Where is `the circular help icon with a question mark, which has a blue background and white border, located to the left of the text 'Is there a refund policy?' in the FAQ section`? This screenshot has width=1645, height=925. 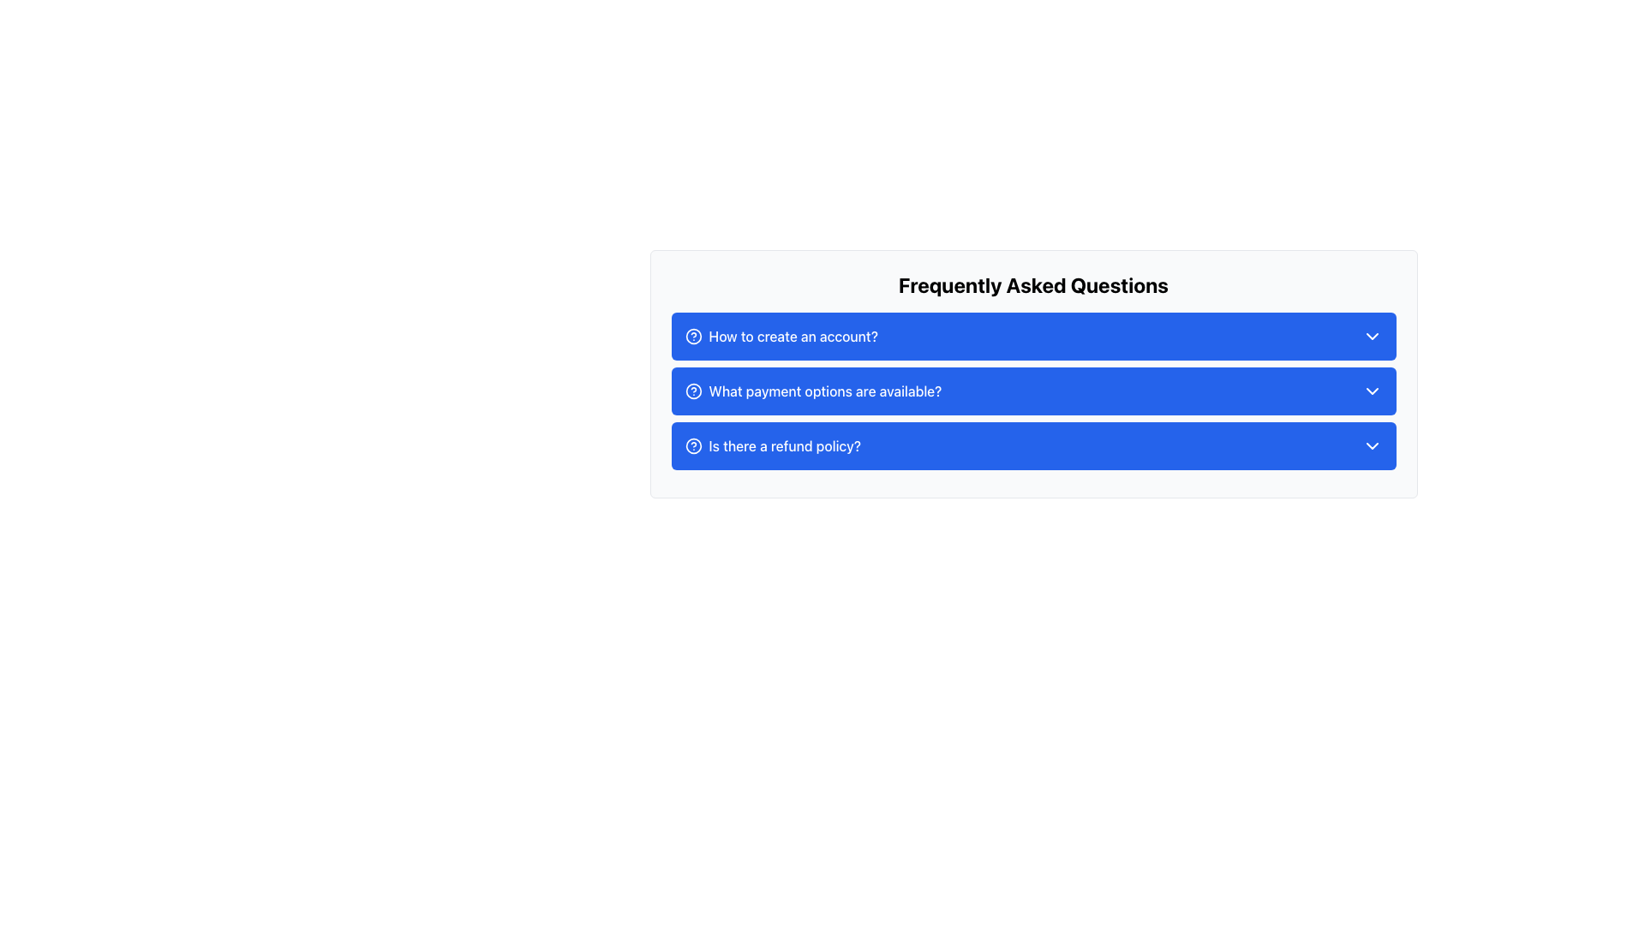 the circular help icon with a question mark, which has a blue background and white border, located to the left of the text 'Is there a refund policy?' in the FAQ section is located at coordinates (693, 445).